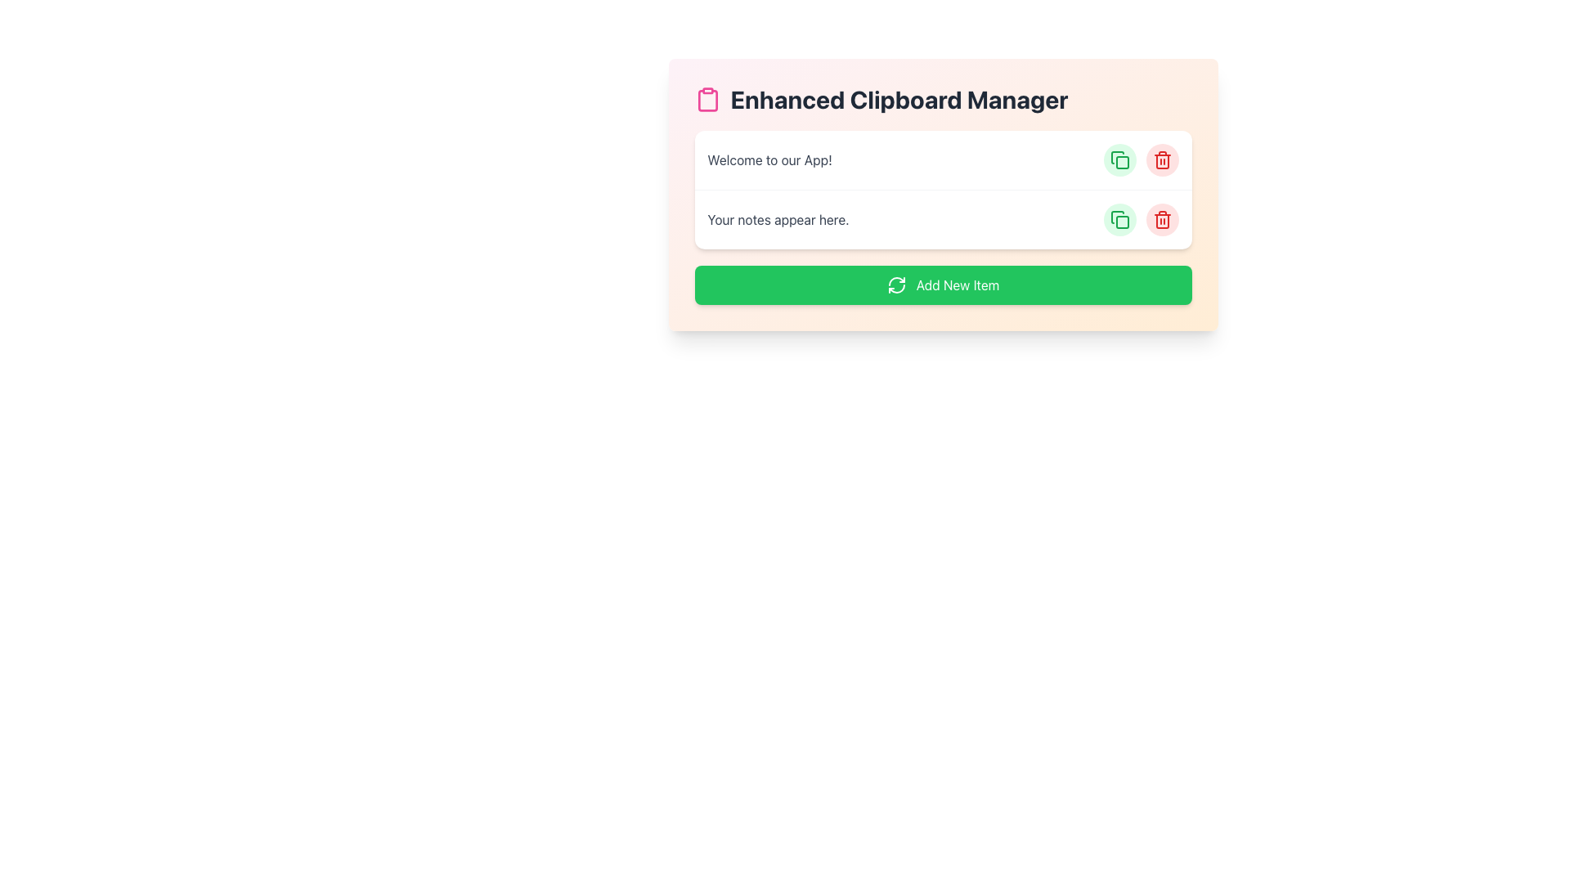 This screenshot has height=883, width=1570. Describe the element at coordinates (707, 101) in the screenshot. I see `the pink clipboard icon element located at the top-left corner next to the title 'Enhanced Clipboard Manager'` at that location.